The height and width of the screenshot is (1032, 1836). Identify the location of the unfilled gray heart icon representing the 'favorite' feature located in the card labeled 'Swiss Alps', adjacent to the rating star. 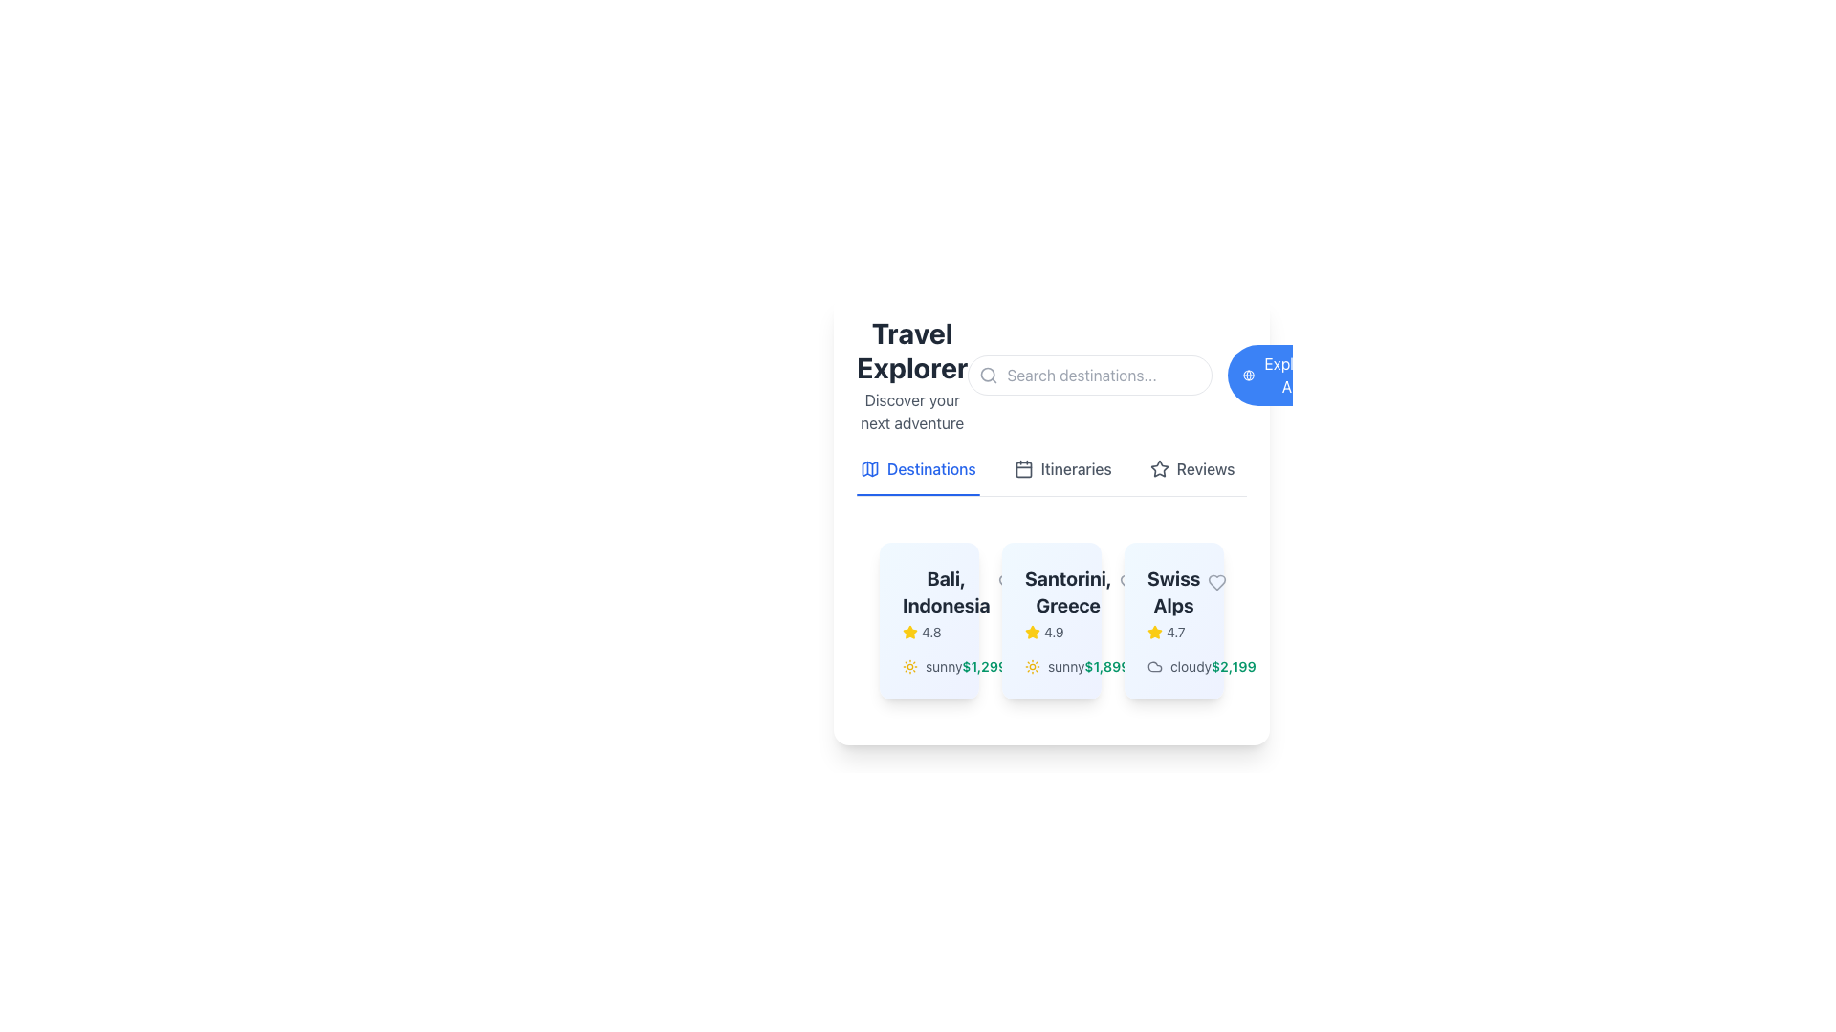
(1128, 581).